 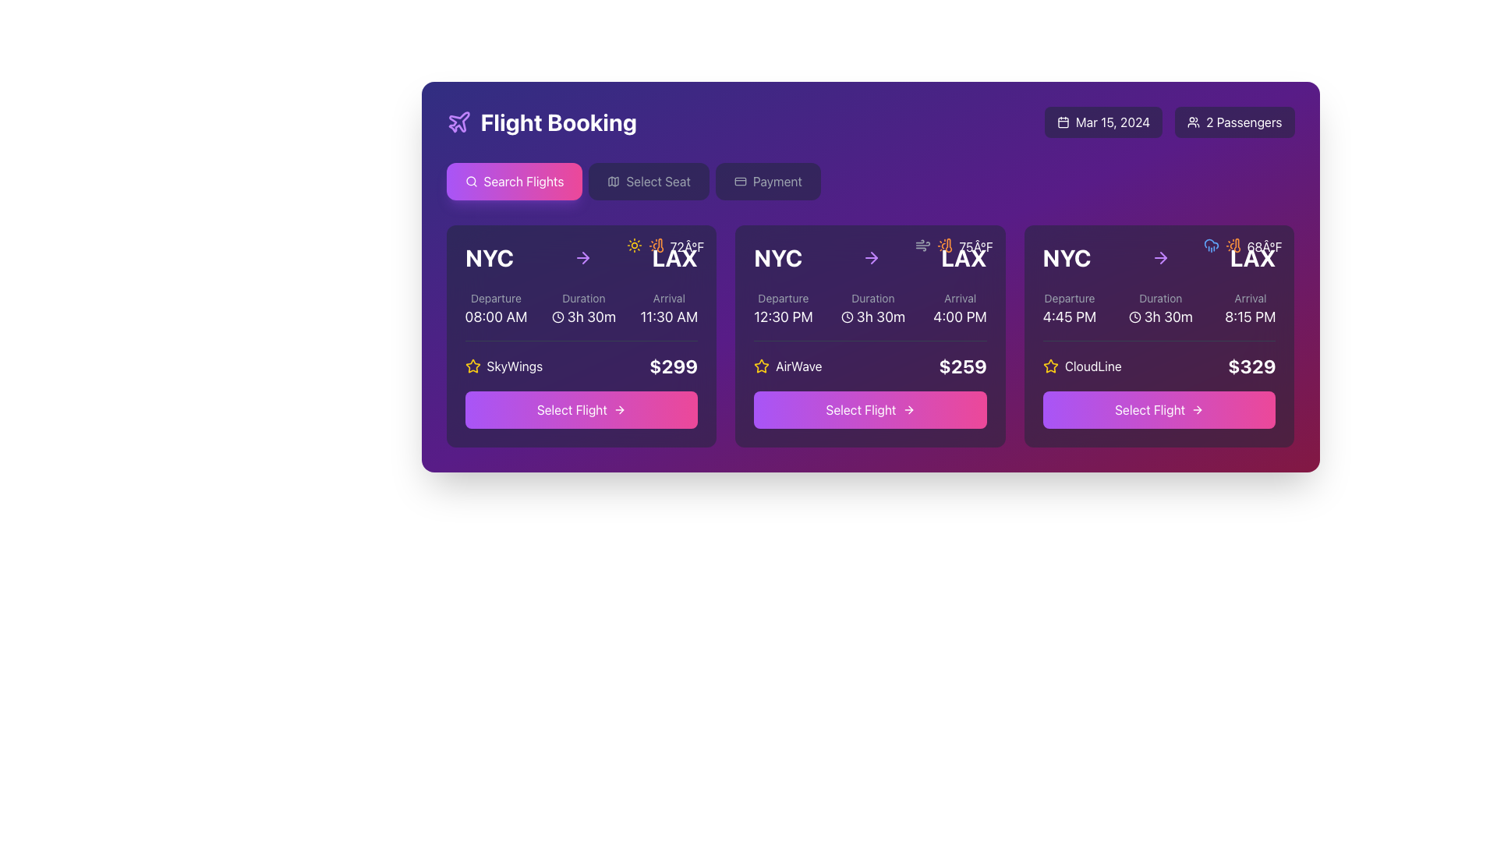 I want to click on the vertical thermometer icon in the third flight card from the left, adjacent to LAX, which indicates weather or temperature details, so click(x=1236, y=246).